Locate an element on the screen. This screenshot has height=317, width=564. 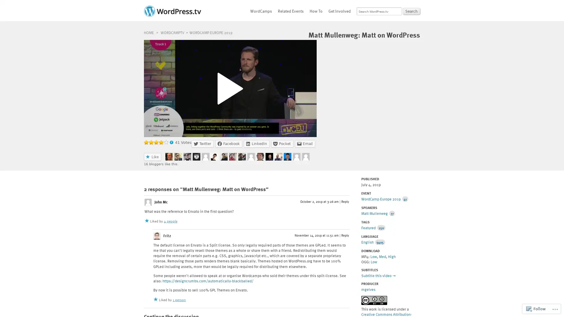
Search is located at coordinates (411, 11).